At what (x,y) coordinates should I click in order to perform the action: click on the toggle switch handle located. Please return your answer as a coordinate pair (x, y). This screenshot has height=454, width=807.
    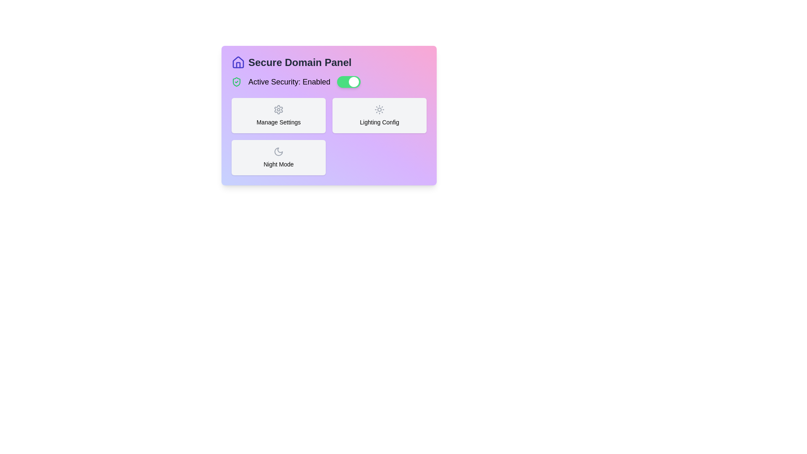
    Looking at the image, I should click on (354, 82).